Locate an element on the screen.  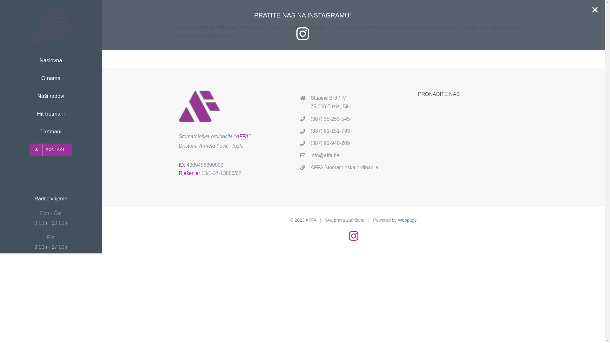
'Instagram' is located at coordinates (353, 236).